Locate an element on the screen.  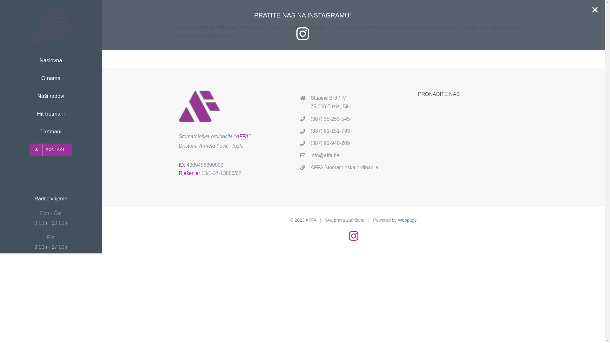
'Instagram' is located at coordinates (353, 236).